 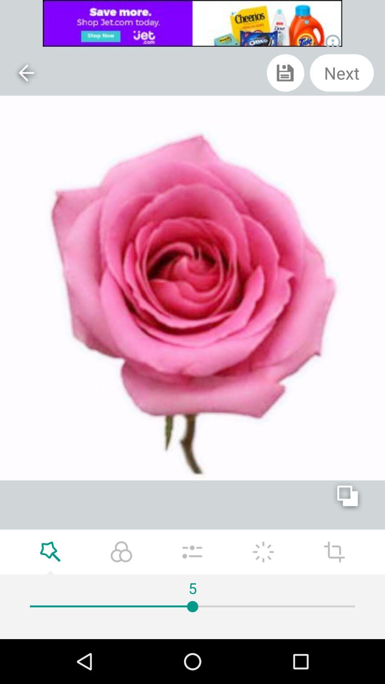 What do you see at coordinates (50, 551) in the screenshot?
I see `zoom in to picture` at bounding box center [50, 551].